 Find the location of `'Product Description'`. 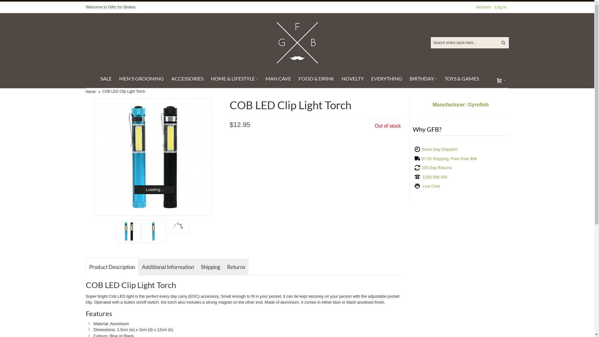

'Product Description' is located at coordinates (112, 266).